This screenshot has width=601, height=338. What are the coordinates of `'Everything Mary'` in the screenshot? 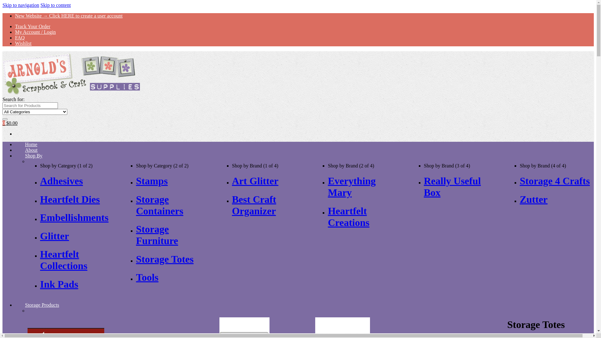 It's located at (327, 186).